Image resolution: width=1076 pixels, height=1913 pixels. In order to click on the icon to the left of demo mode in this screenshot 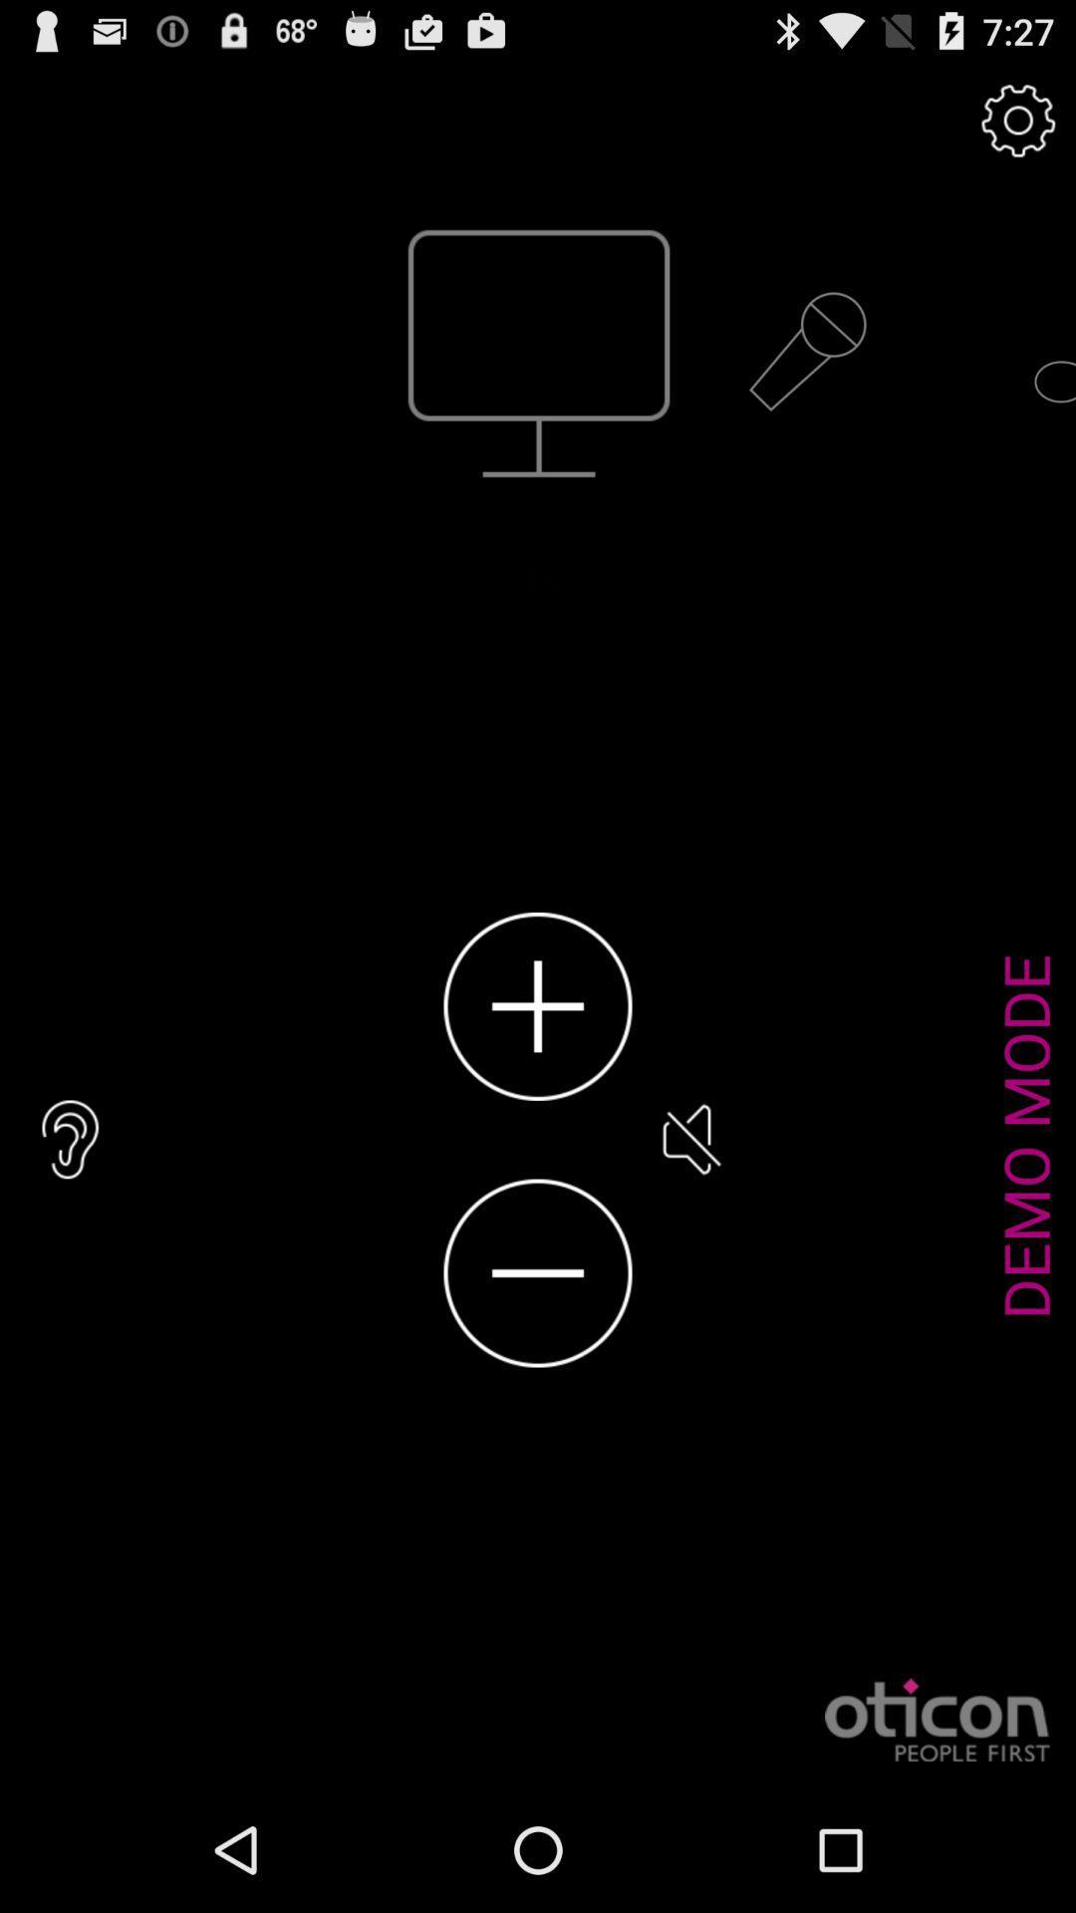, I will do `click(688, 1139)`.